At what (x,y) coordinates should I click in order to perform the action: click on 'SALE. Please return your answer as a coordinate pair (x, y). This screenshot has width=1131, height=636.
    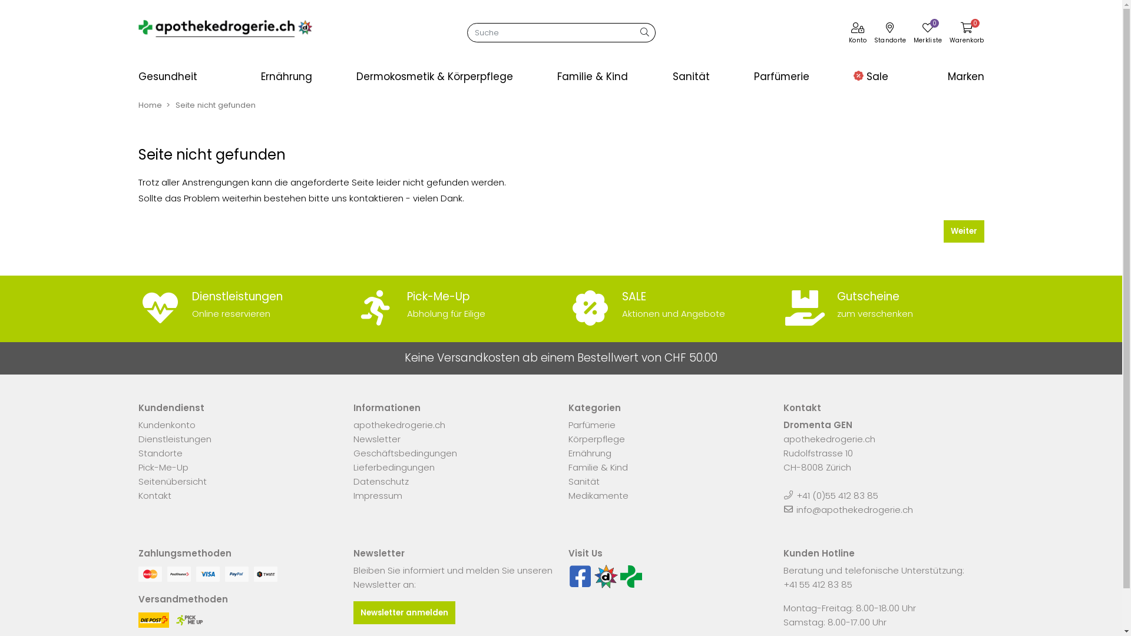
    Looking at the image, I should click on (668, 305).